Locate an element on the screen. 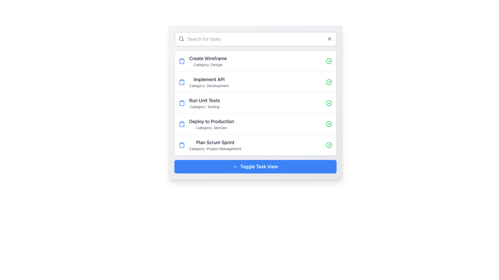 This screenshot has height=280, width=499. the Search input field located at the top of the task list panel to indicate focus, situated between two icons is located at coordinates (255, 39).